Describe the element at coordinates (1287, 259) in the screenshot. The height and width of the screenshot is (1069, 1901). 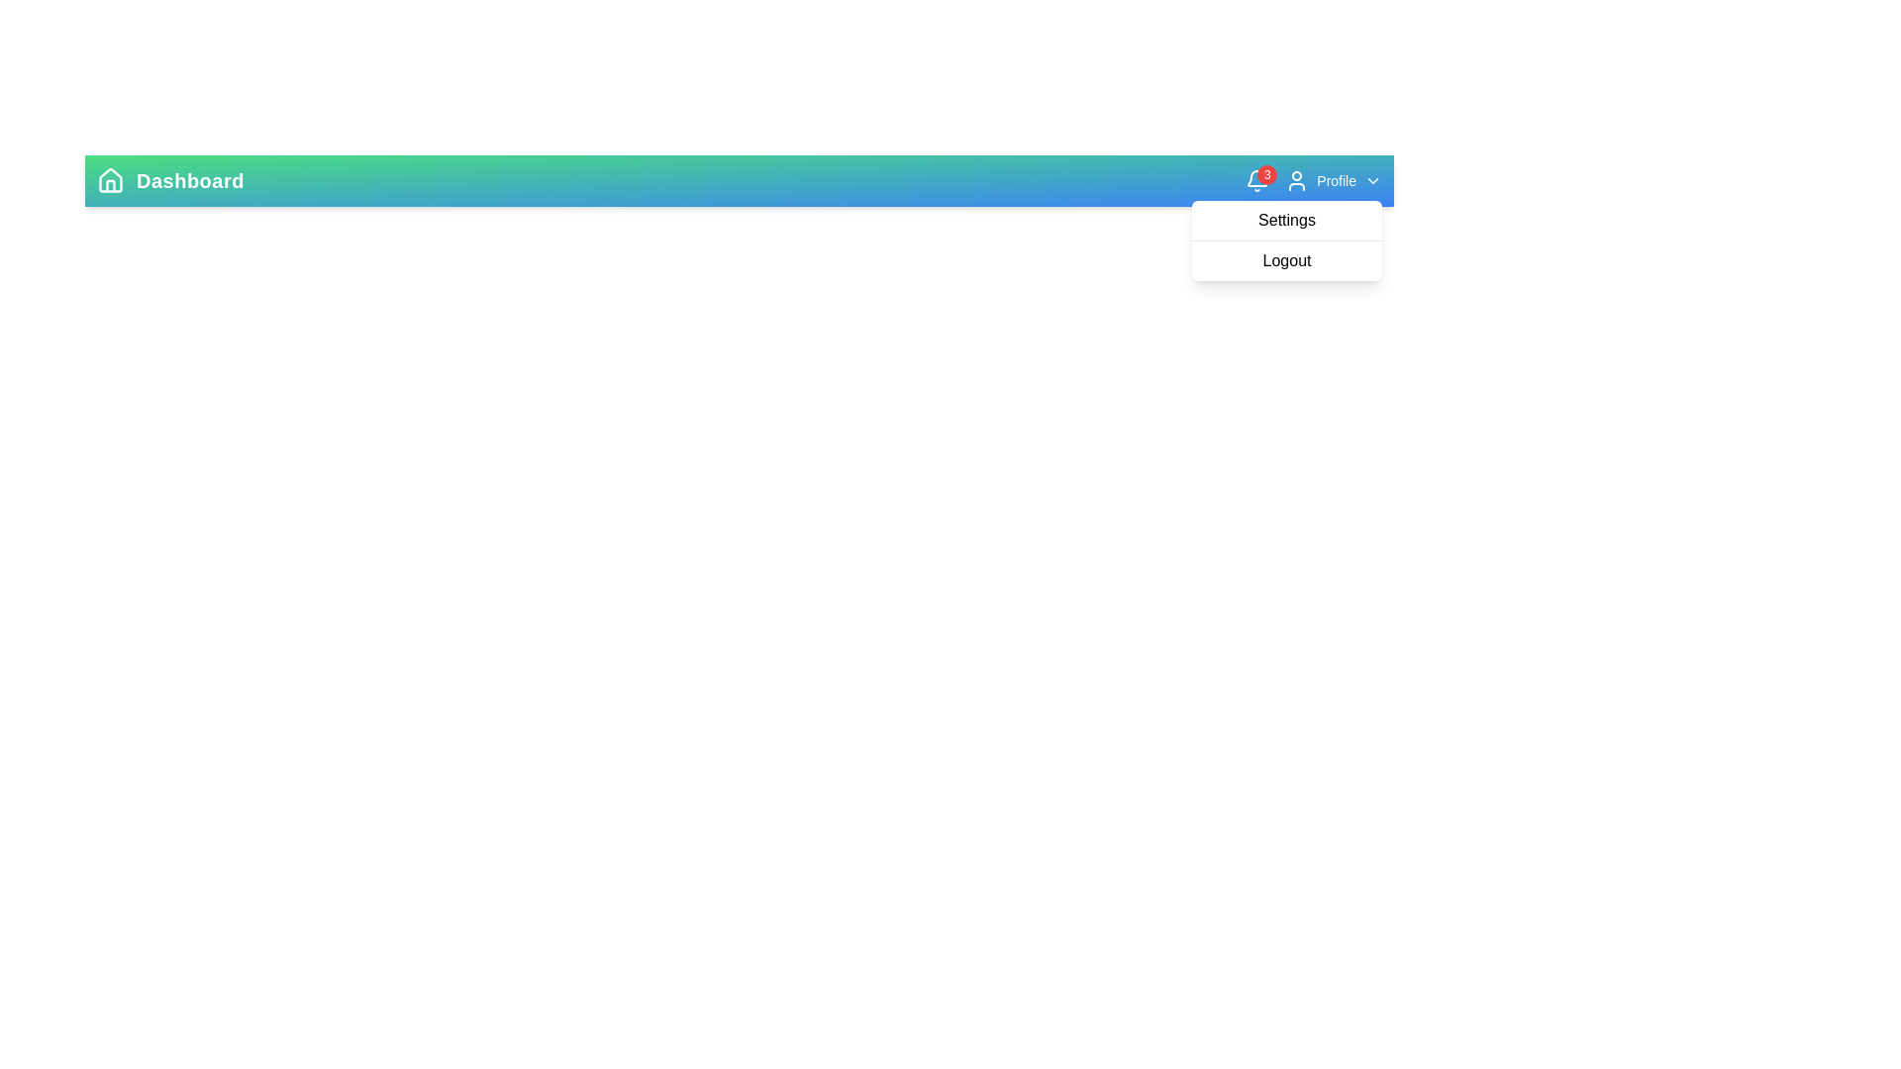
I see `the 'Logout' option in the dropdown menu` at that location.